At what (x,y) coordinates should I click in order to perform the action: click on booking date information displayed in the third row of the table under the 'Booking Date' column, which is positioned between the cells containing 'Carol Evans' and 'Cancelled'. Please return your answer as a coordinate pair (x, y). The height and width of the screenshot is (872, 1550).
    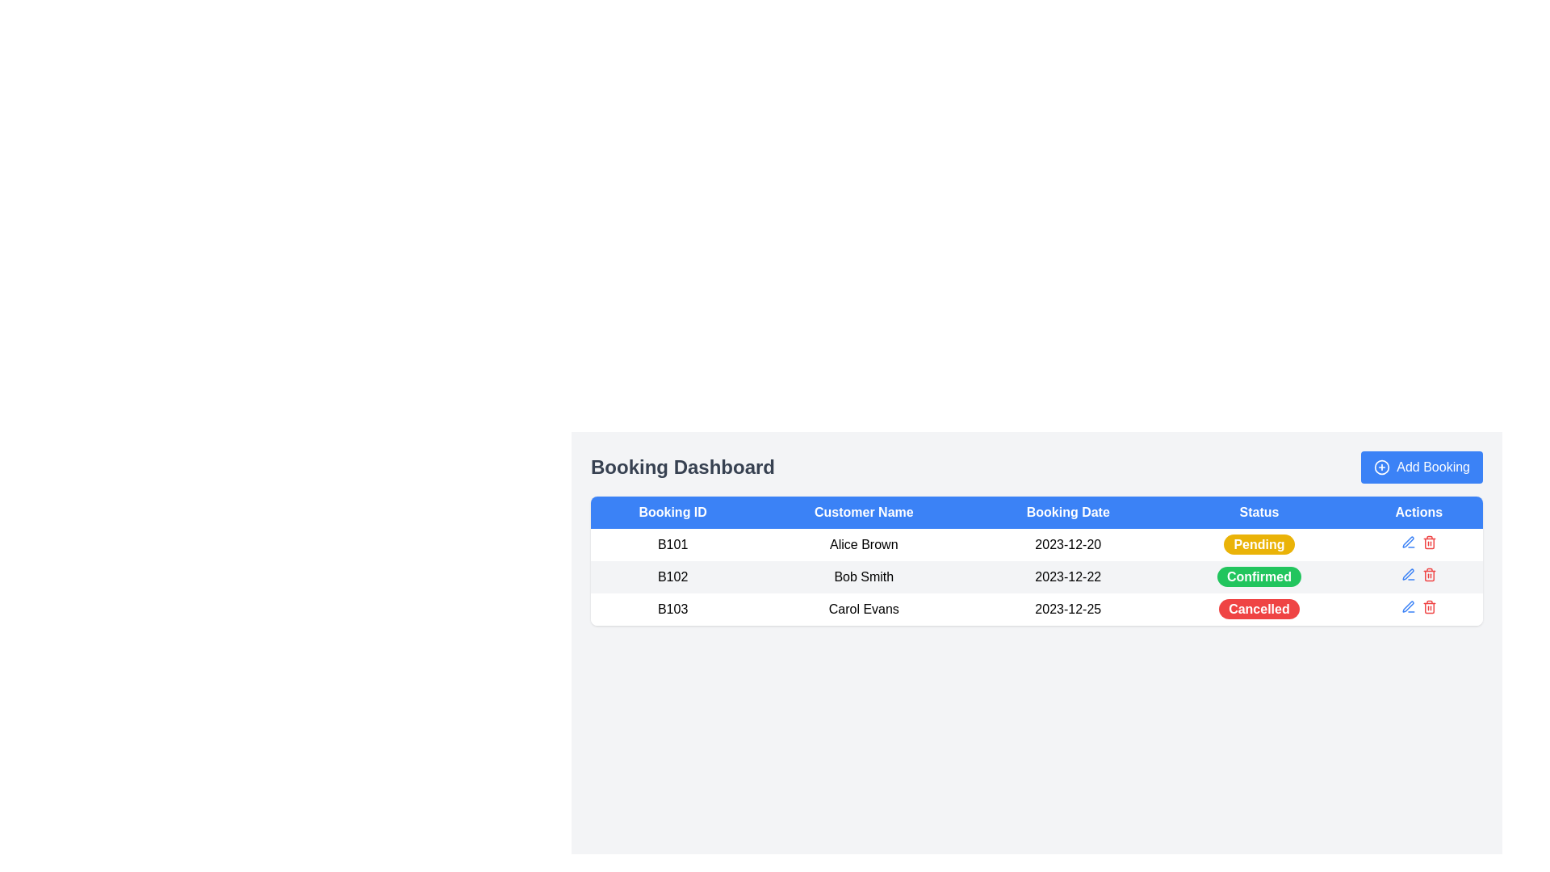
    Looking at the image, I should click on (1068, 610).